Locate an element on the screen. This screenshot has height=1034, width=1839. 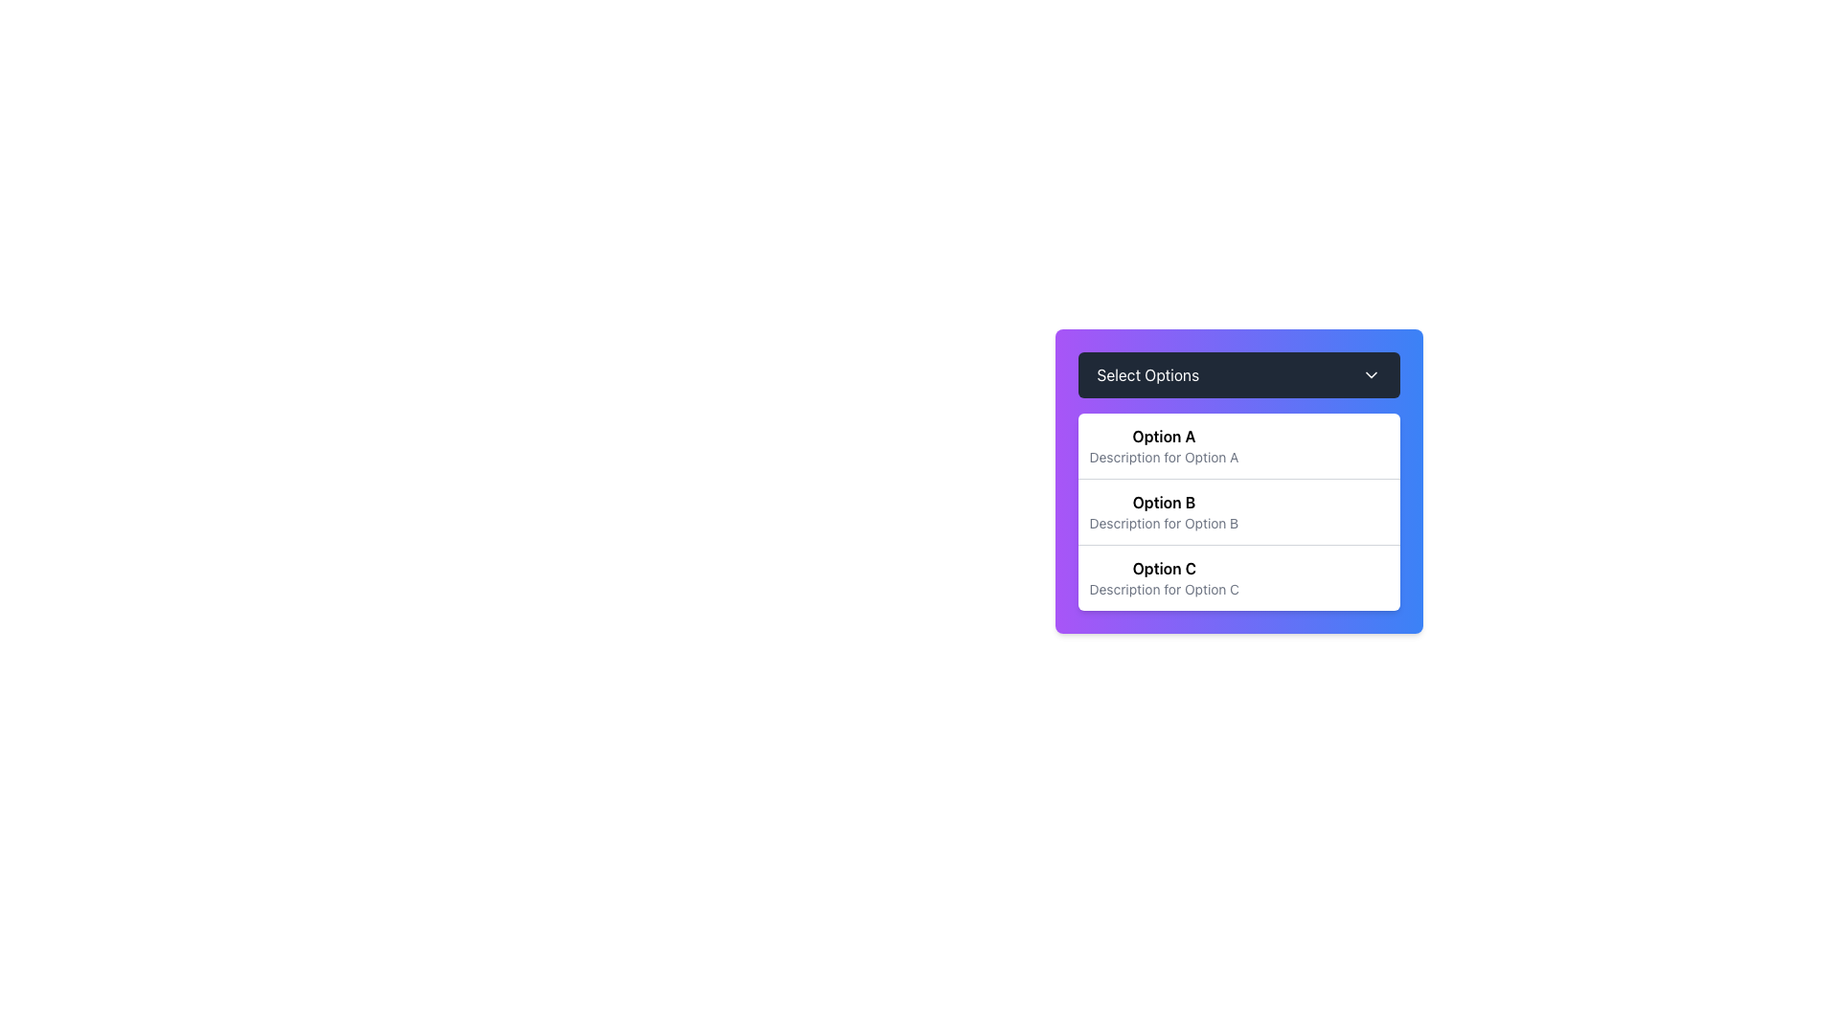
the selectable list item labeled 'Option B' is located at coordinates (1238, 510).